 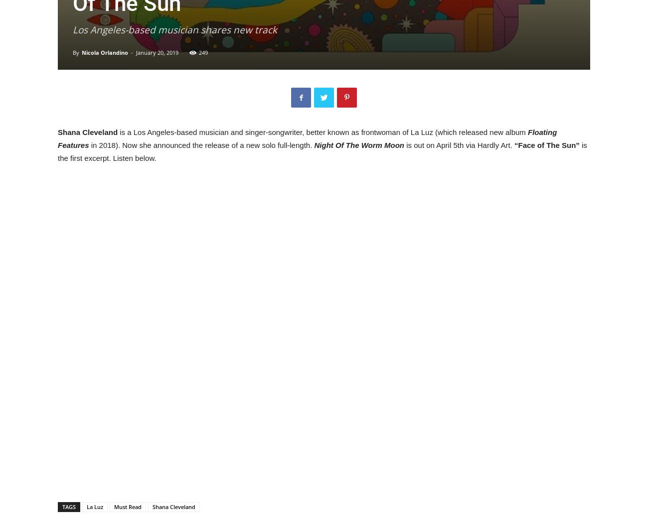 What do you see at coordinates (324, 132) in the screenshot?
I see `'is a Los Angeles-based musician and singer-songwriter, better known as frontwoman of La Luz (which released new album'` at bounding box center [324, 132].